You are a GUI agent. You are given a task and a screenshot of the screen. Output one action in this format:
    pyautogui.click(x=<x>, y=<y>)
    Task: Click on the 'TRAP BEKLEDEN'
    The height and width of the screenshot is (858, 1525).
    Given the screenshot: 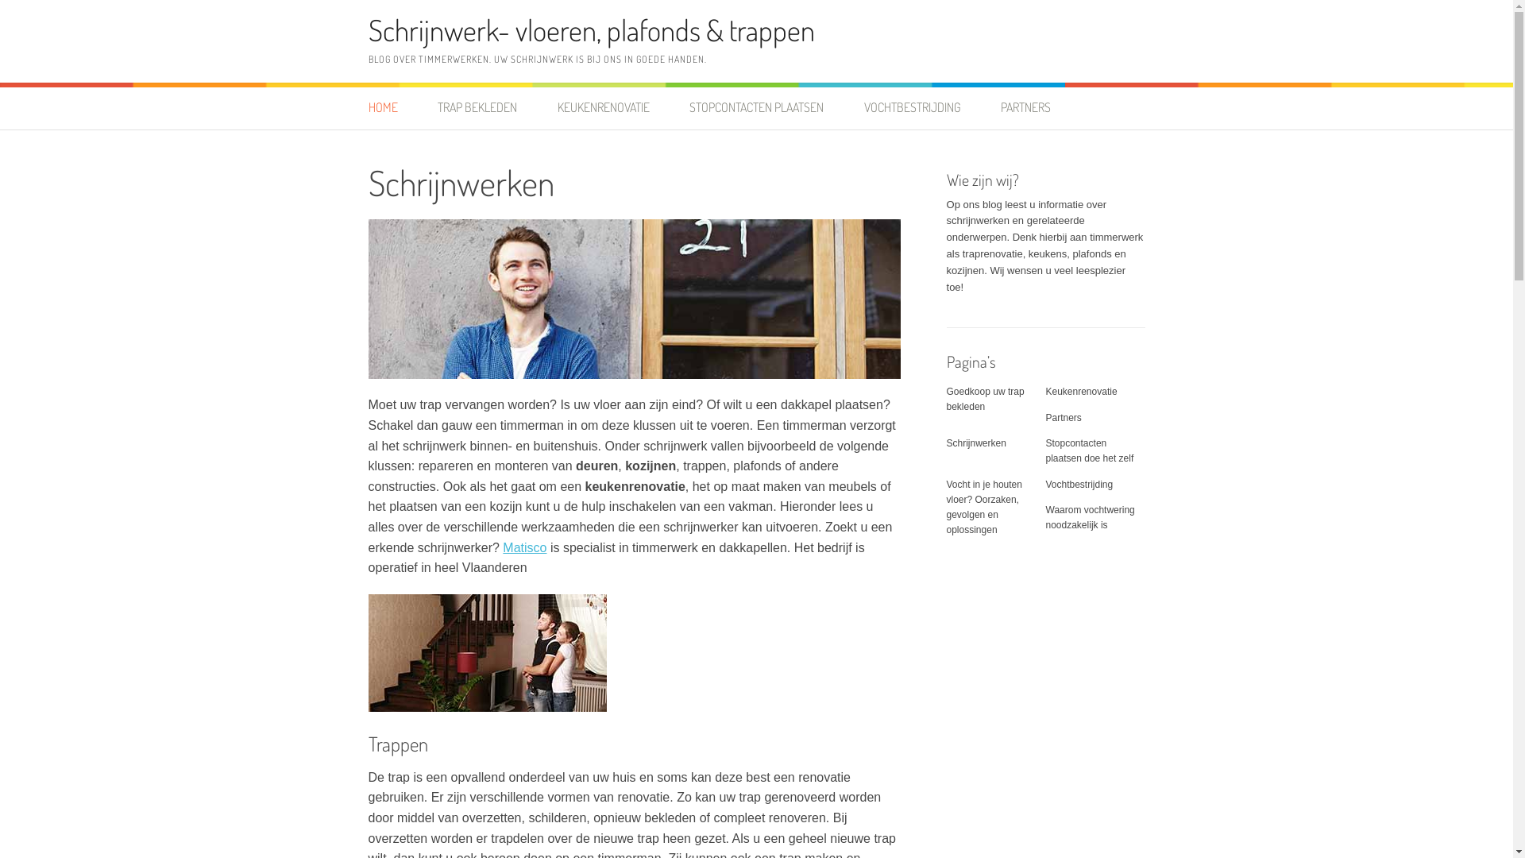 What is the action you would take?
    pyautogui.click(x=476, y=107)
    